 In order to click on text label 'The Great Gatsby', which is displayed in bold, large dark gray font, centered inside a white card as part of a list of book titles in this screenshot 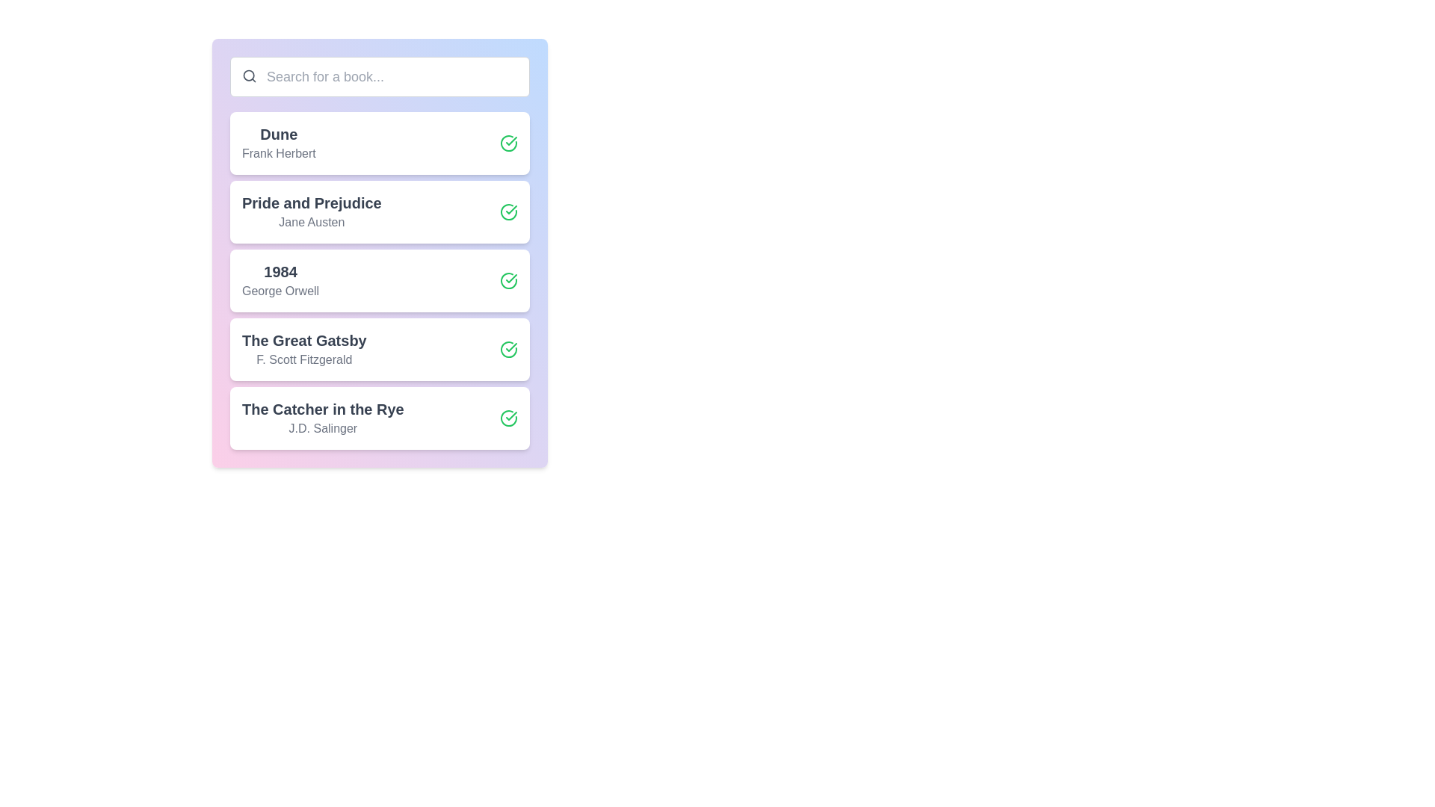, I will do `click(303, 340)`.